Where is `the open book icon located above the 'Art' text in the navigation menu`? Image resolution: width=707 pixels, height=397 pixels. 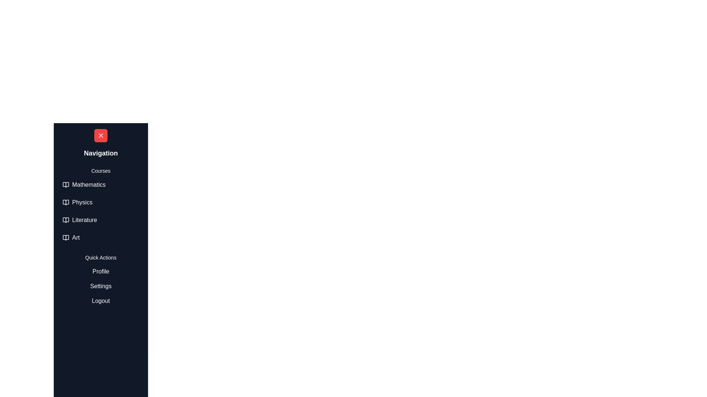 the open book icon located above the 'Art' text in the navigation menu is located at coordinates (66, 238).